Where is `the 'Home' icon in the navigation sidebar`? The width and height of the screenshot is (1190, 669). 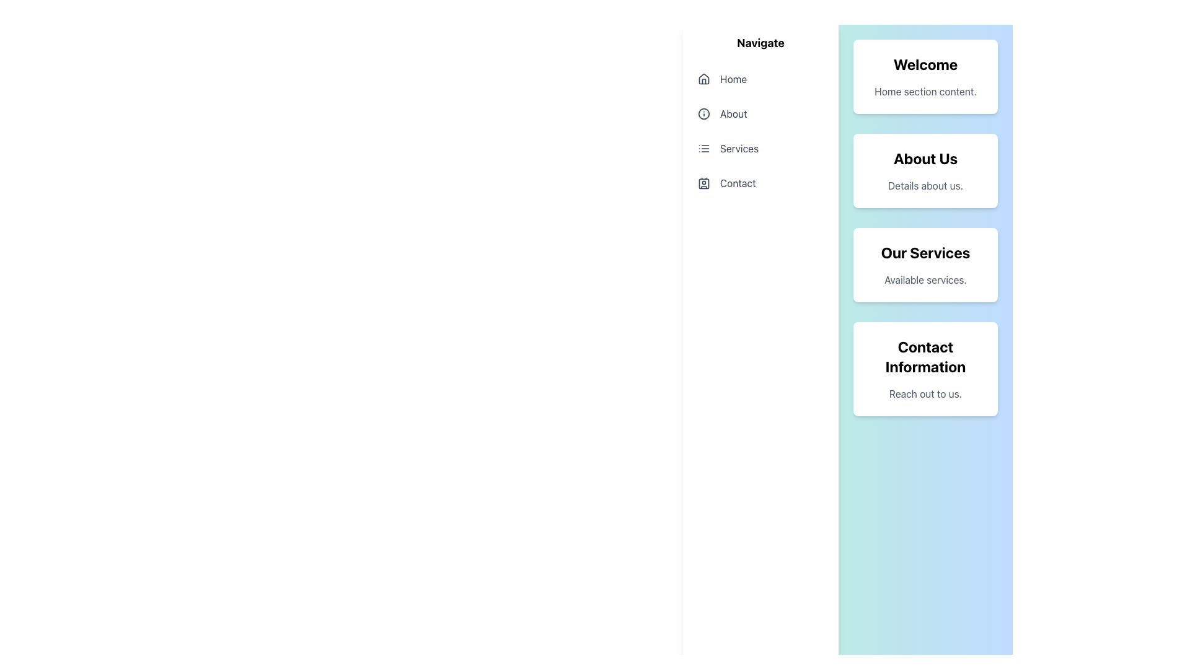 the 'Home' icon in the navigation sidebar is located at coordinates (704, 79).